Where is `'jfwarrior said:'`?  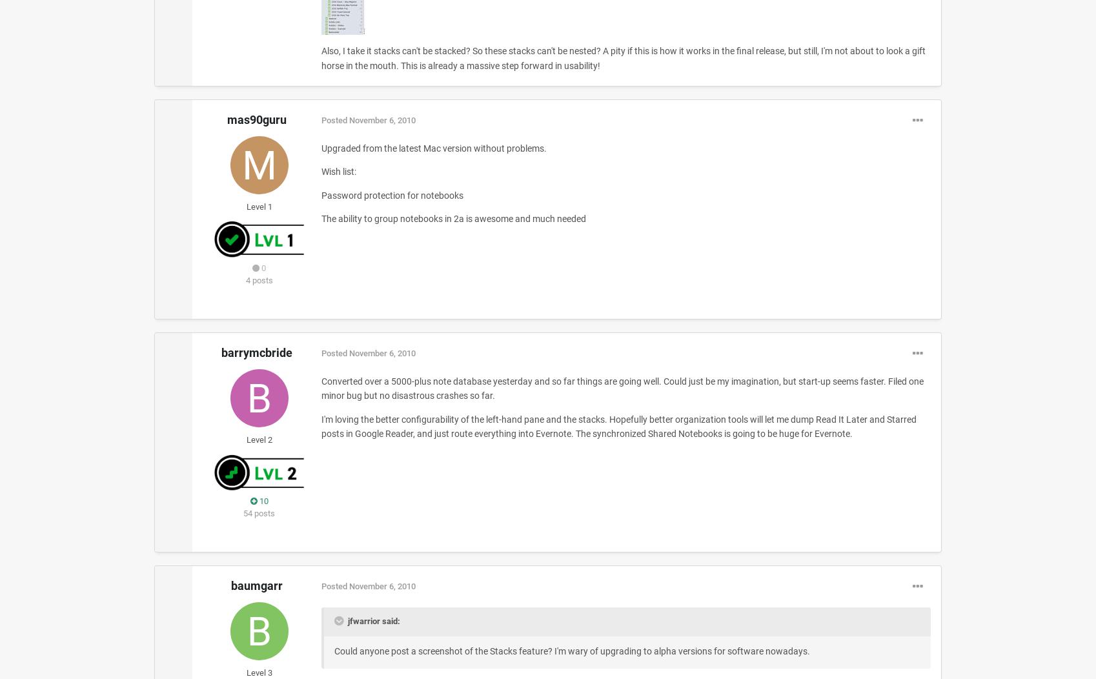
'jfwarrior said:' is located at coordinates (372, 620).